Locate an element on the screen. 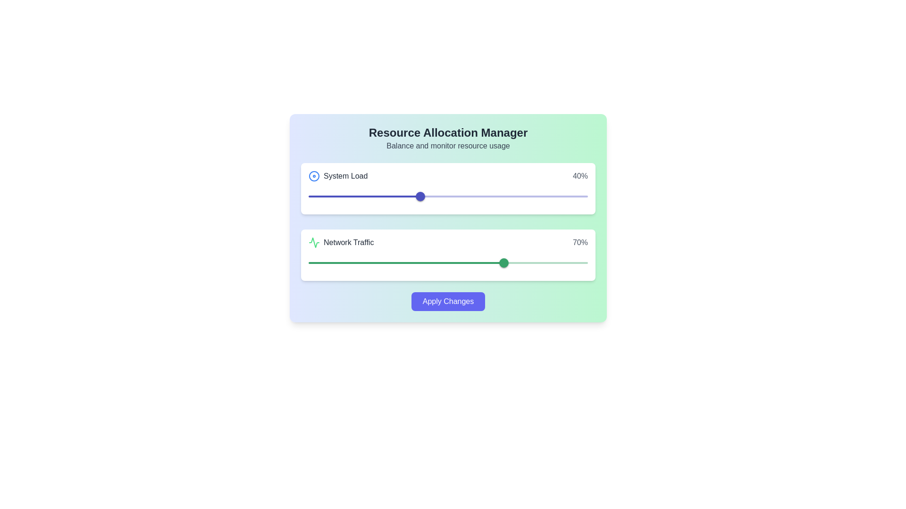 The height and width of the screenshot is (509, 906). the 'System Load' labeled metric display element, which shows a value of '40%' and is positioned in the top section of its panel is located at coordinates (448, 176).